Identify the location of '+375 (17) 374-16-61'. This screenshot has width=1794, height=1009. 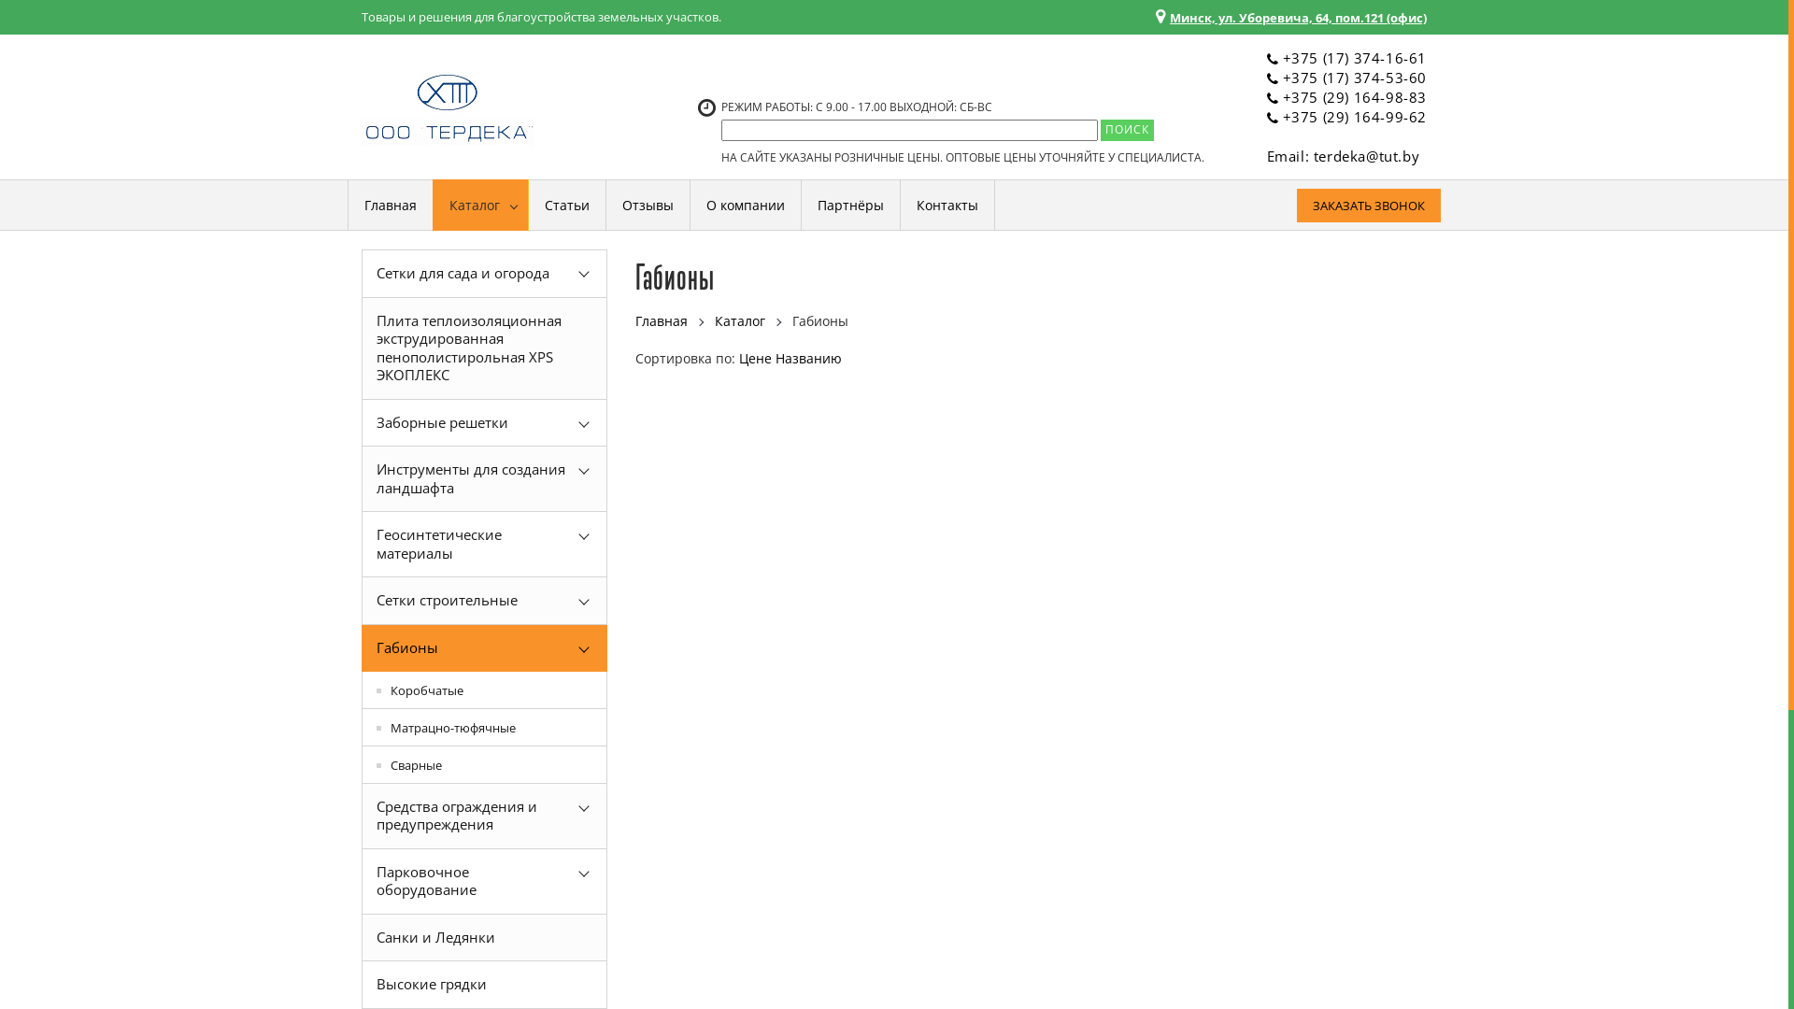
(1354, 56).